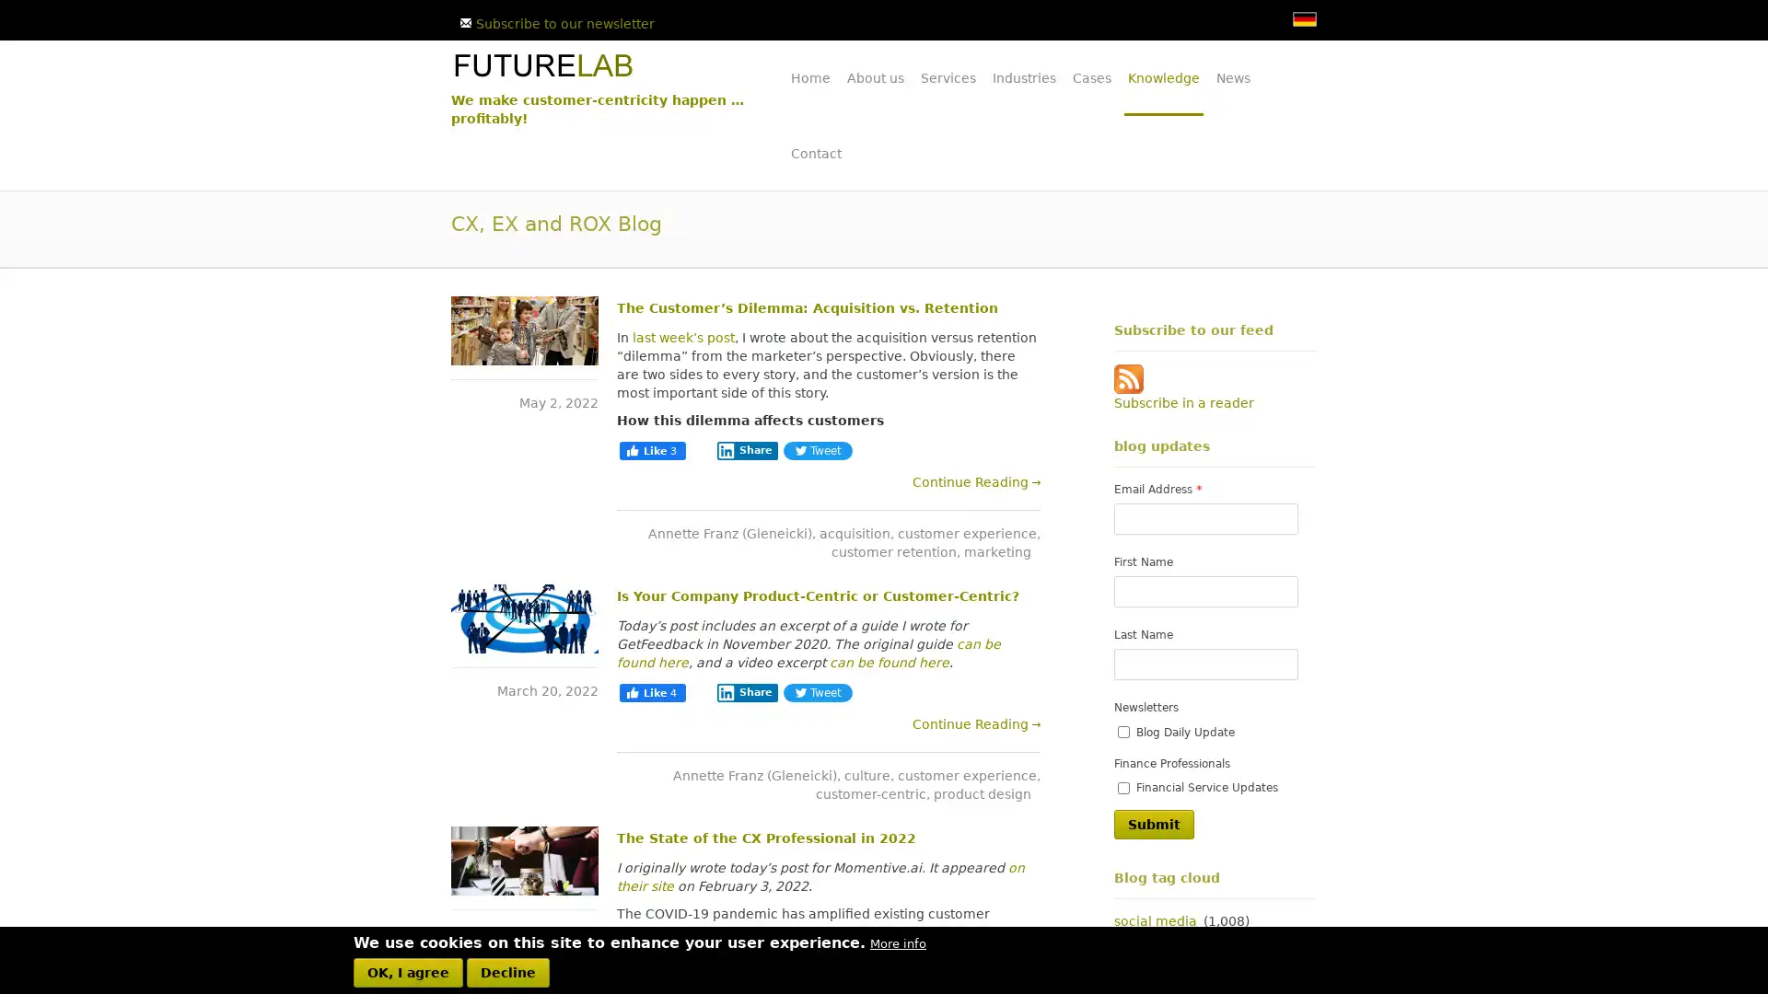 The image size is (1768, 994). I want to click on More info, so click(898, 942).